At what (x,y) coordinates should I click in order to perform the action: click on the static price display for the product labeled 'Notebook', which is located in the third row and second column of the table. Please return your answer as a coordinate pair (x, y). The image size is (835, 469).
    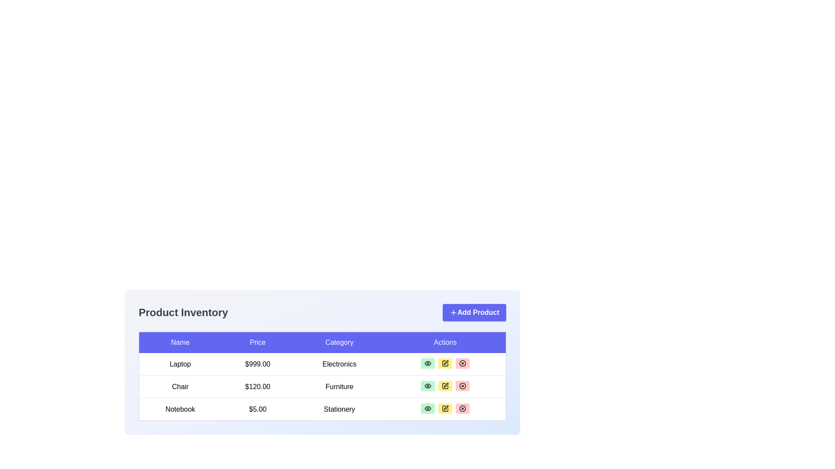
    Looking at the image, I should click on (257, 409).